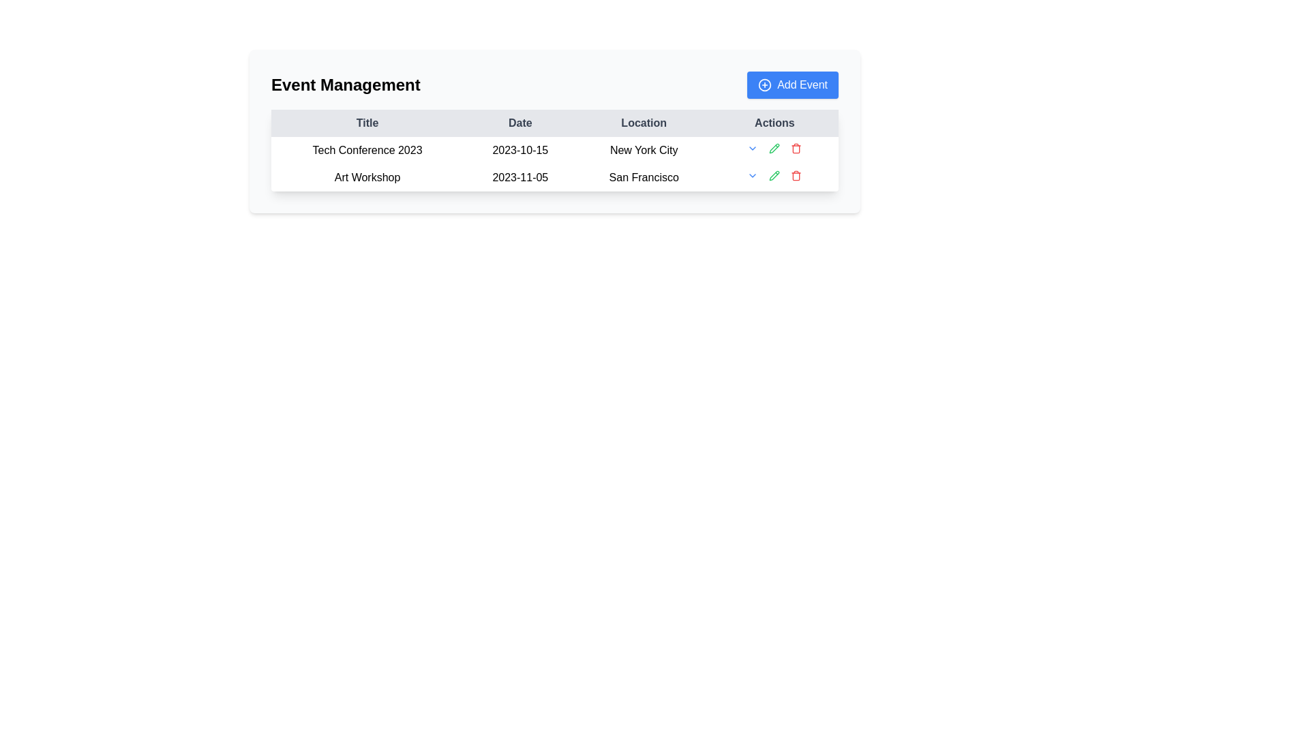 This screenshot has width=1309, height=736. Describe the element at coordinates (774, 175) in the screenshot. I see `the edit icon button in the 'Actions' column of the 'Tech Conference 2023' event row` at that location.